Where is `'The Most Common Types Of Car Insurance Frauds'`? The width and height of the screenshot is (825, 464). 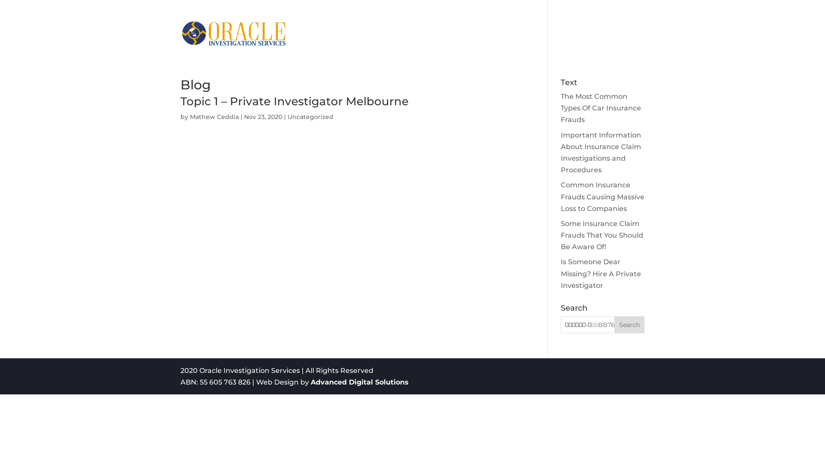 'The Most Common Types Of Car Insurance Frauds' is located at coordinates (600, 107).